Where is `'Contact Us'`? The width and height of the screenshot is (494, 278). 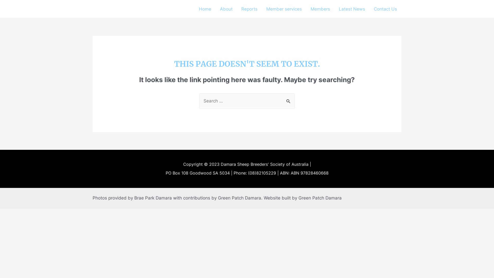 'Contact Us' is located at coordinates (385, 9).